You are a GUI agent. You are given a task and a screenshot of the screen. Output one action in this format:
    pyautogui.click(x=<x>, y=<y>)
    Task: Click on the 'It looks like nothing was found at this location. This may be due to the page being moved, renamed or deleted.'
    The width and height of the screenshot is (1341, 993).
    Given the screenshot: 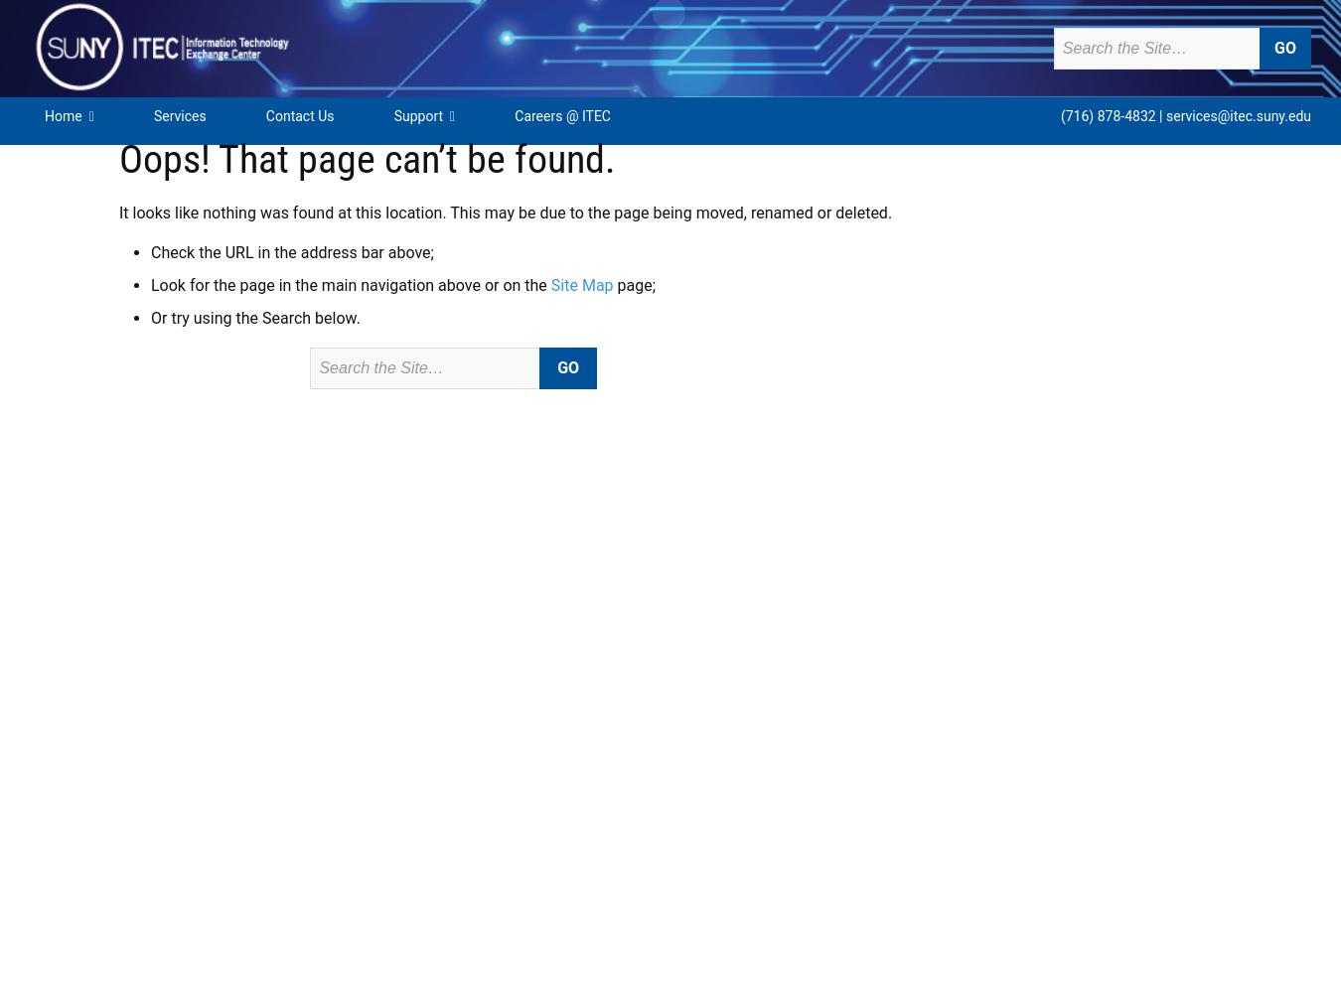 What is the action you would take?
    pyautogui.click(x=504, y=211)
    